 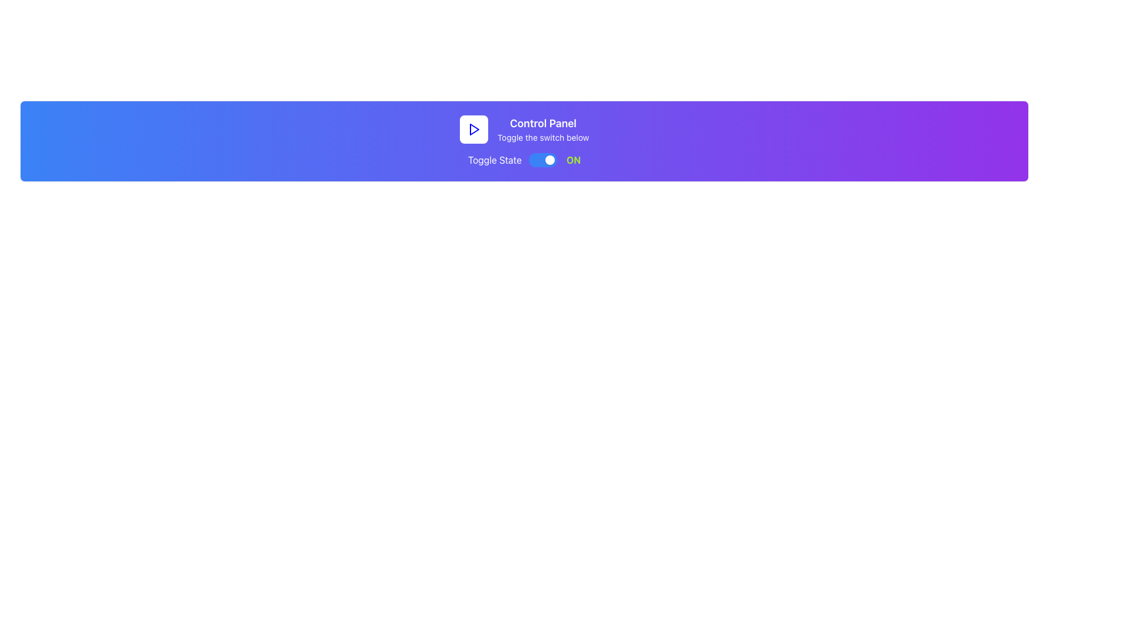 What do you see at coordinates (542, 123) in the screenshot?
I see `text label 'Control Panel' which is displayed in bold white font within the header section that has a gradient background` at bounding box center [542, 123].